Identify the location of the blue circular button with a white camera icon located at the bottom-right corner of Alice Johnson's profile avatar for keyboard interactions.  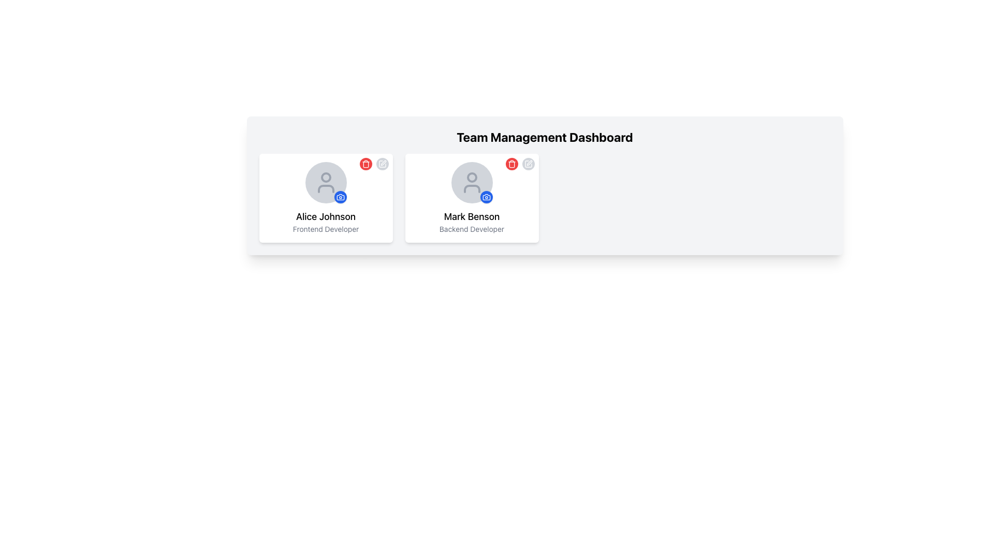
(340, 197).